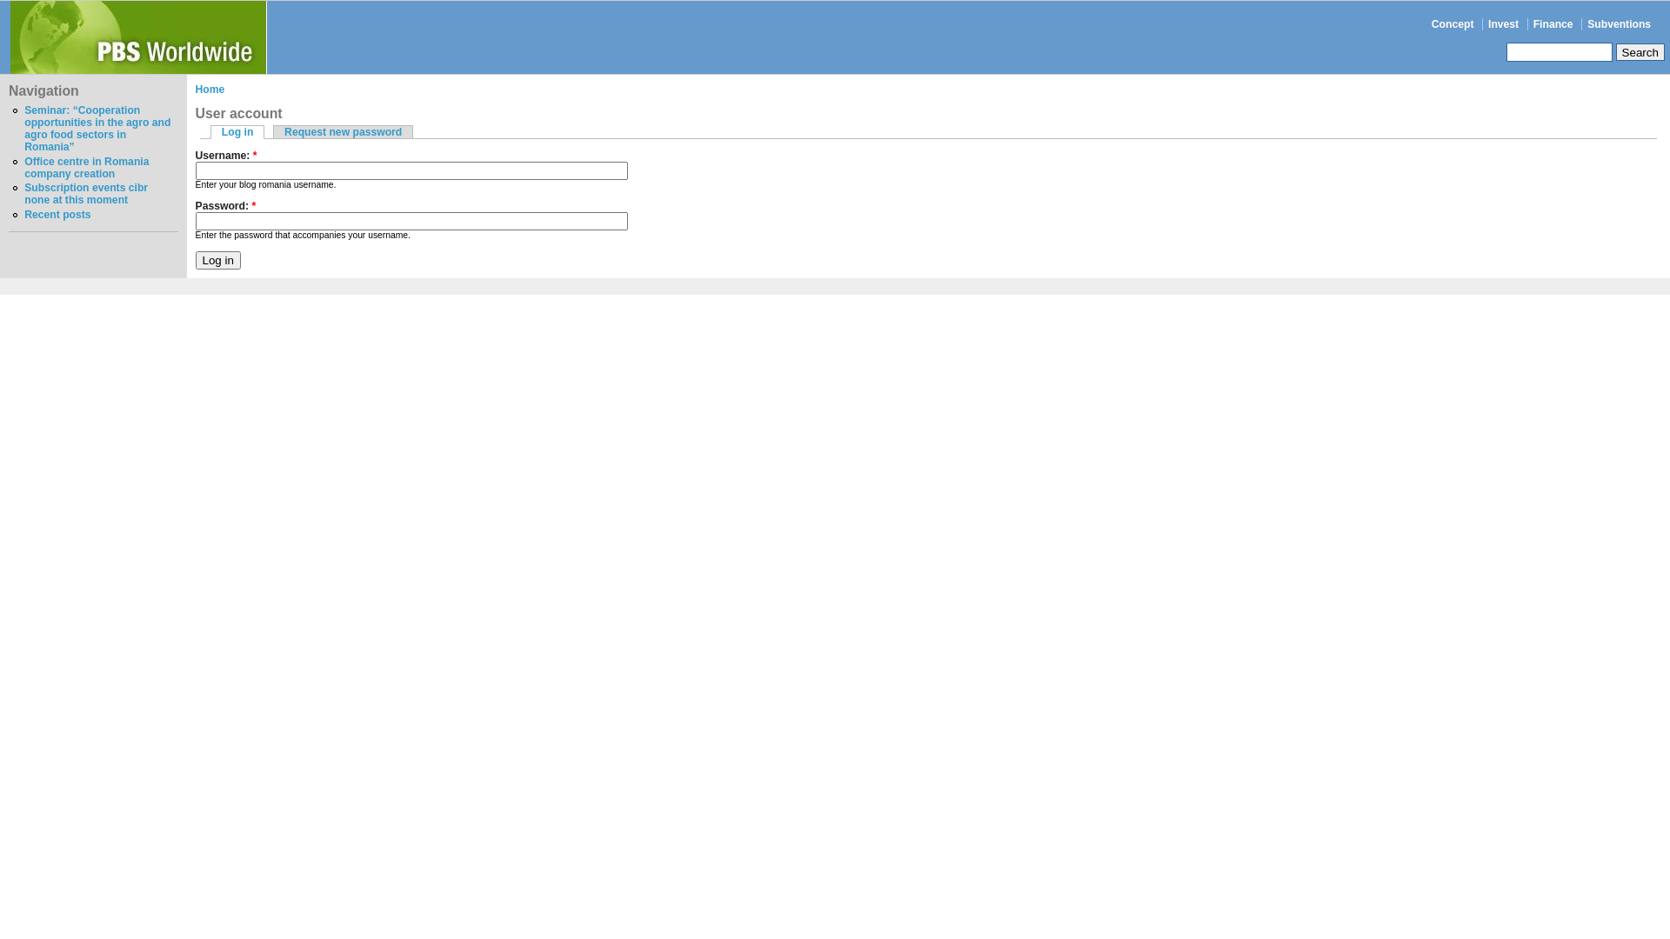  Describe the element at coordinates (1618, 23) in the screenshot. I see `'Subventions'` at that location.